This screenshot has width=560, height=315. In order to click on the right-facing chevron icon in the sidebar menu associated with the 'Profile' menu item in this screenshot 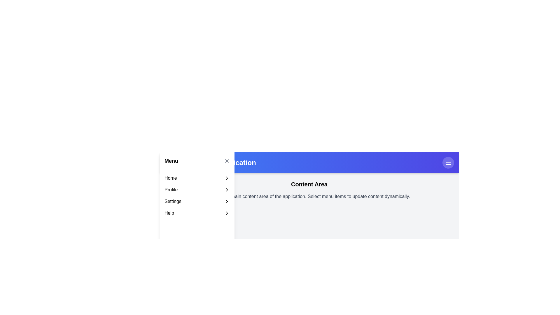, I will do `click(226, 190)`.